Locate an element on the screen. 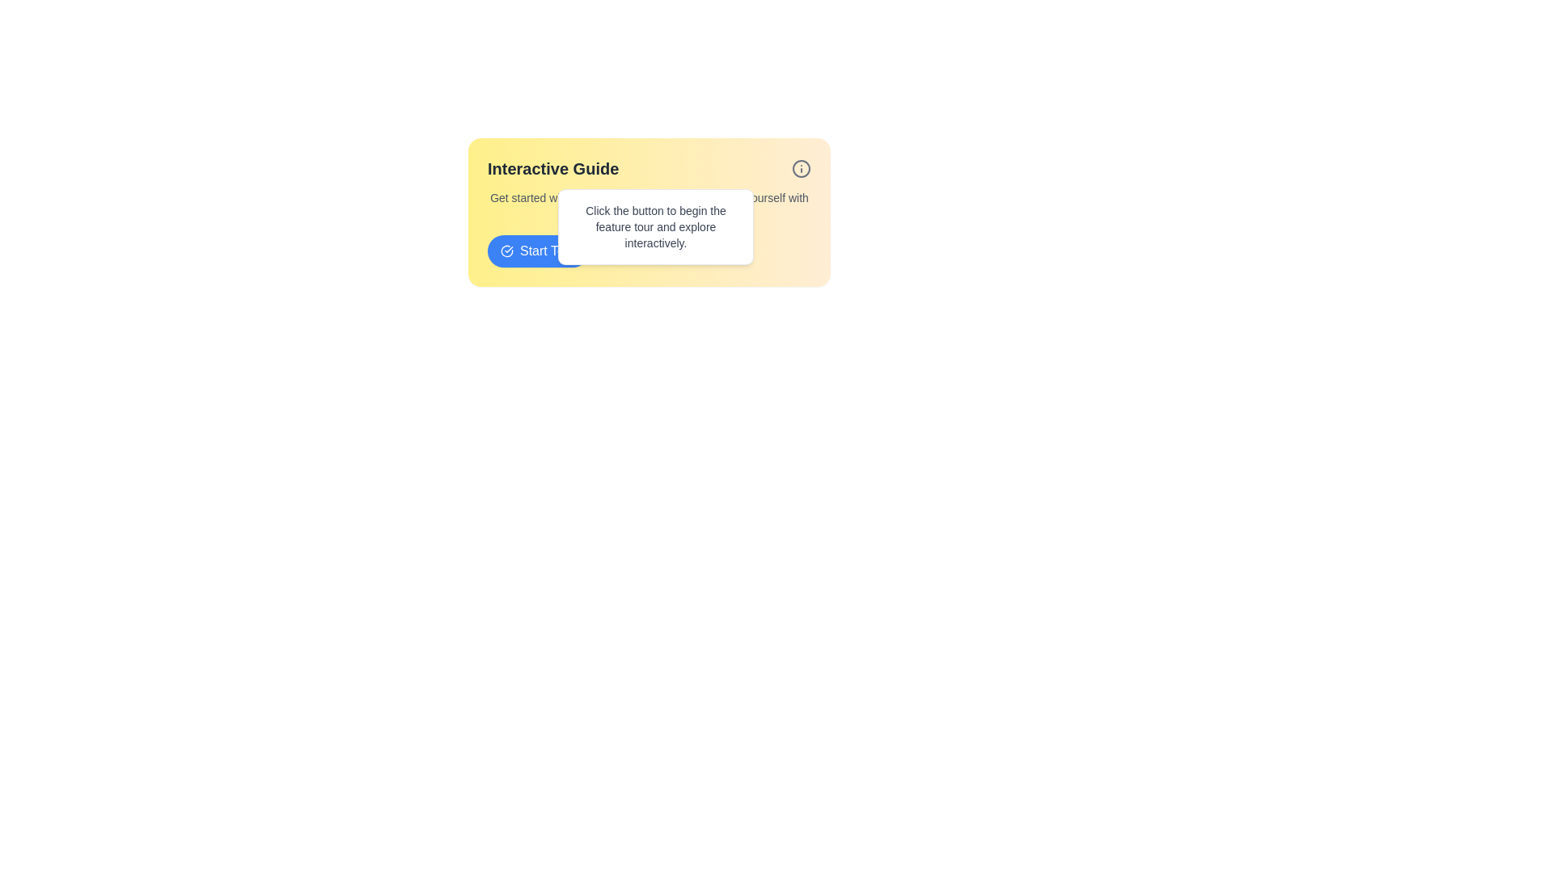 The image size is (1553, 873). the SVG circle that serves as the outer circle of the 'info' icon in the 'Interactive Guide' dialog box, located in the top right corner is located at coordinates (801, 168).